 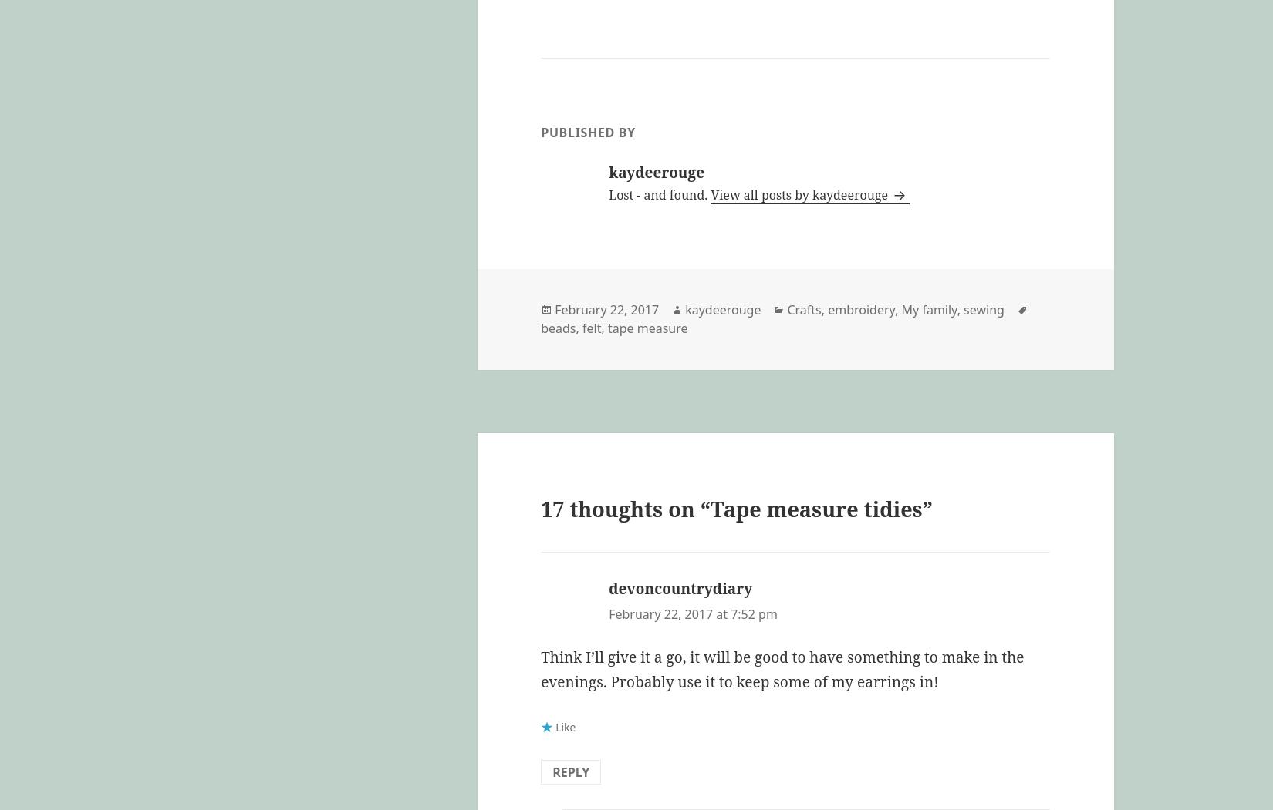 What do you see at coordinates (861, 309) in the screenshot?
I see `'embroidery'` at bounding box center [861, 309].